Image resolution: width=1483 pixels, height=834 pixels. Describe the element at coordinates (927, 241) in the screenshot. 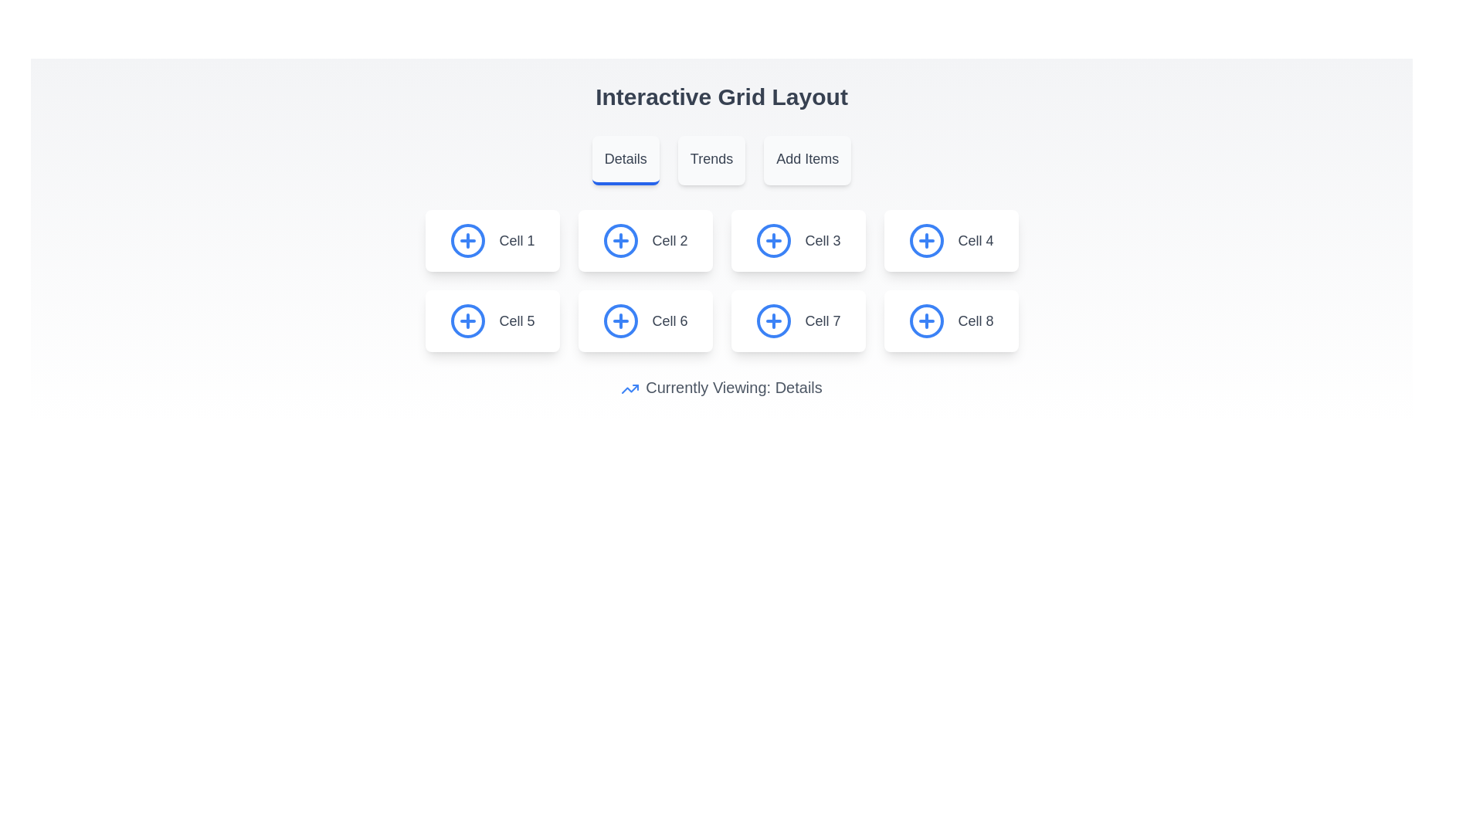

I see `the circular button with a blue outline and a plus symbol in the center, located in the top-right cell of the grid labeled 'Cell 4'` at that location.